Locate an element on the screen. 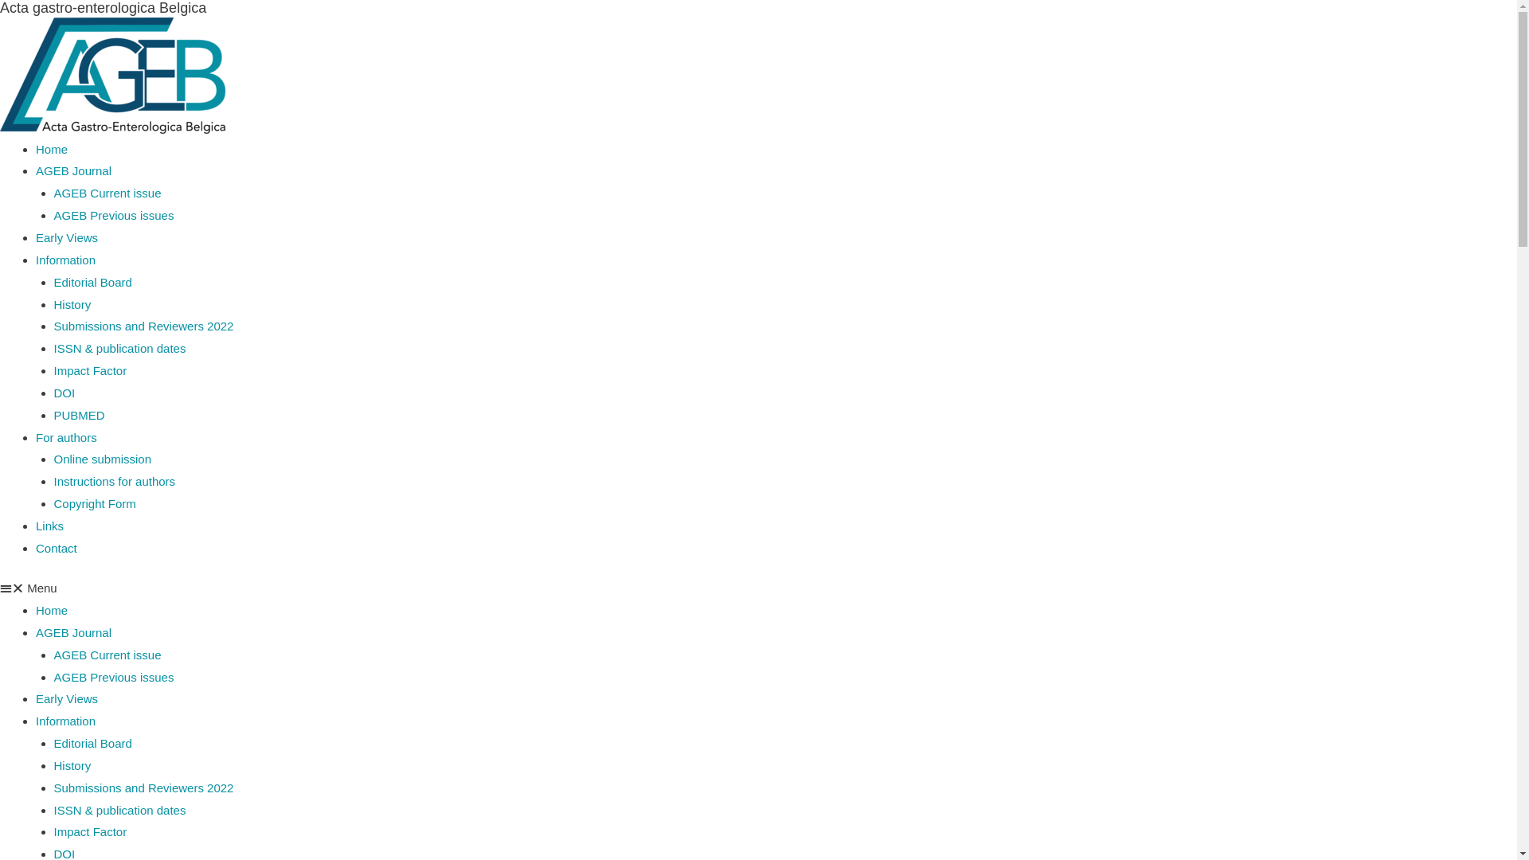  'Instructions for authors' is located at coordinates (114, 480).